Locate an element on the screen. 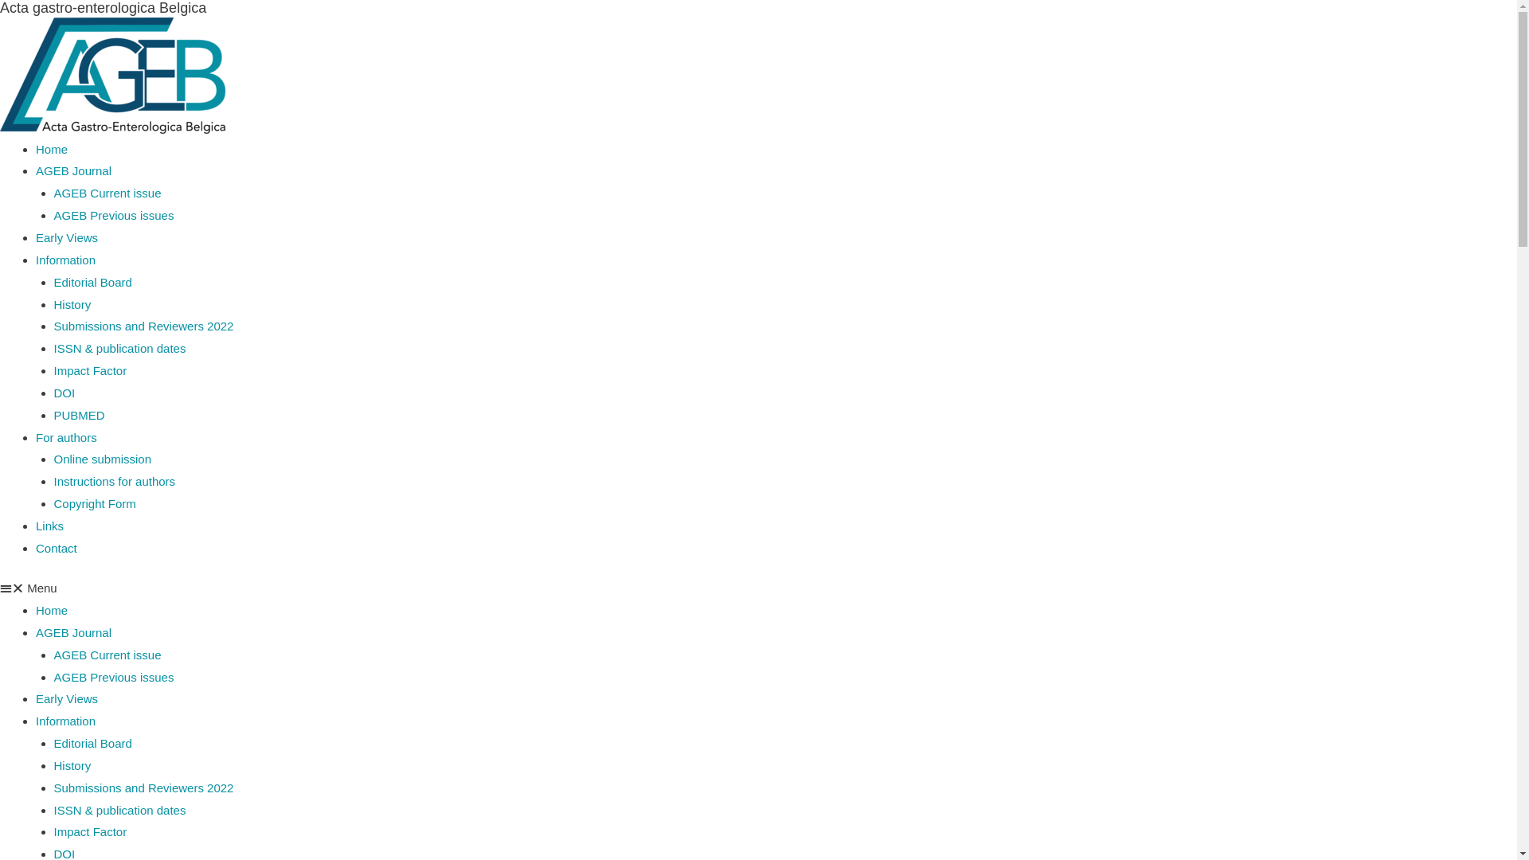  'Instructions for authors' is located at coordinates (114, 480).